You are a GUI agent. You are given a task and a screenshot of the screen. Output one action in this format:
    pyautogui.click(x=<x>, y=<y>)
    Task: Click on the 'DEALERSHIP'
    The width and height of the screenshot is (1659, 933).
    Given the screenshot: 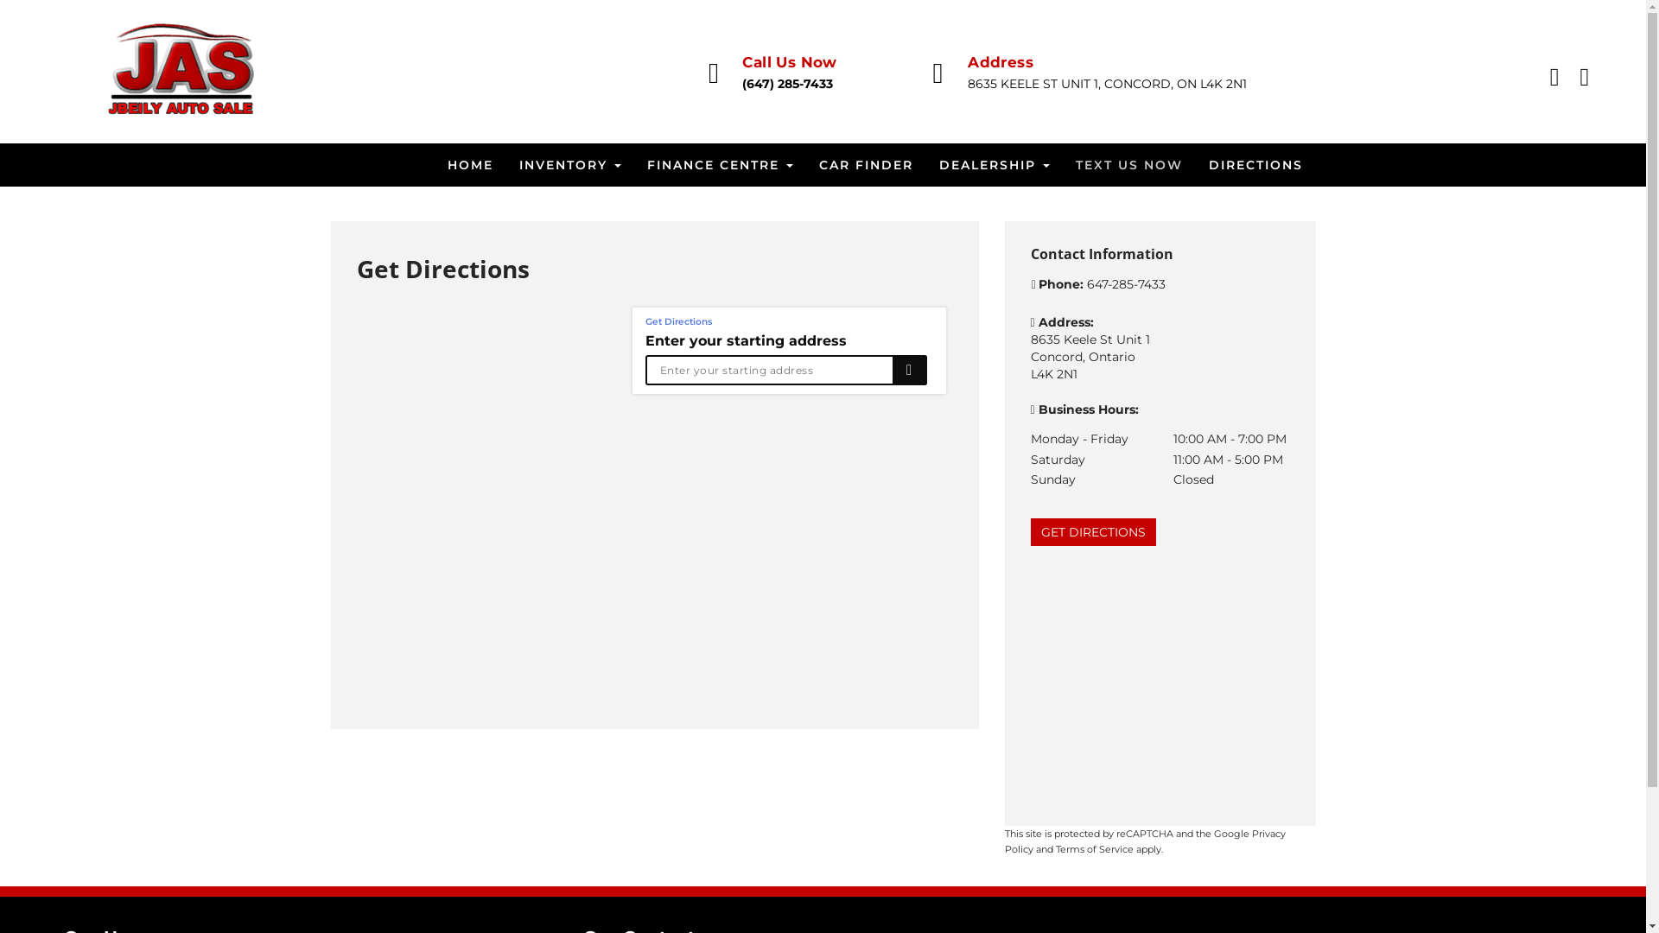 What is the action you would take?
    pyautogui.click(x=995, y=165)
    